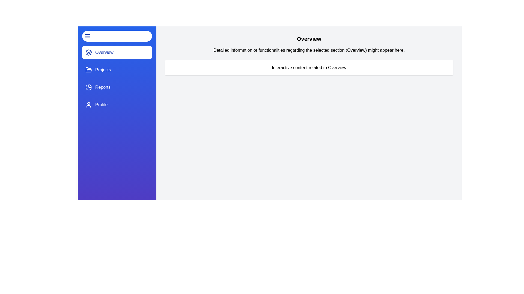 The image size is (524, 294). I want to click on the navigation section Projects, so click(117, 70).